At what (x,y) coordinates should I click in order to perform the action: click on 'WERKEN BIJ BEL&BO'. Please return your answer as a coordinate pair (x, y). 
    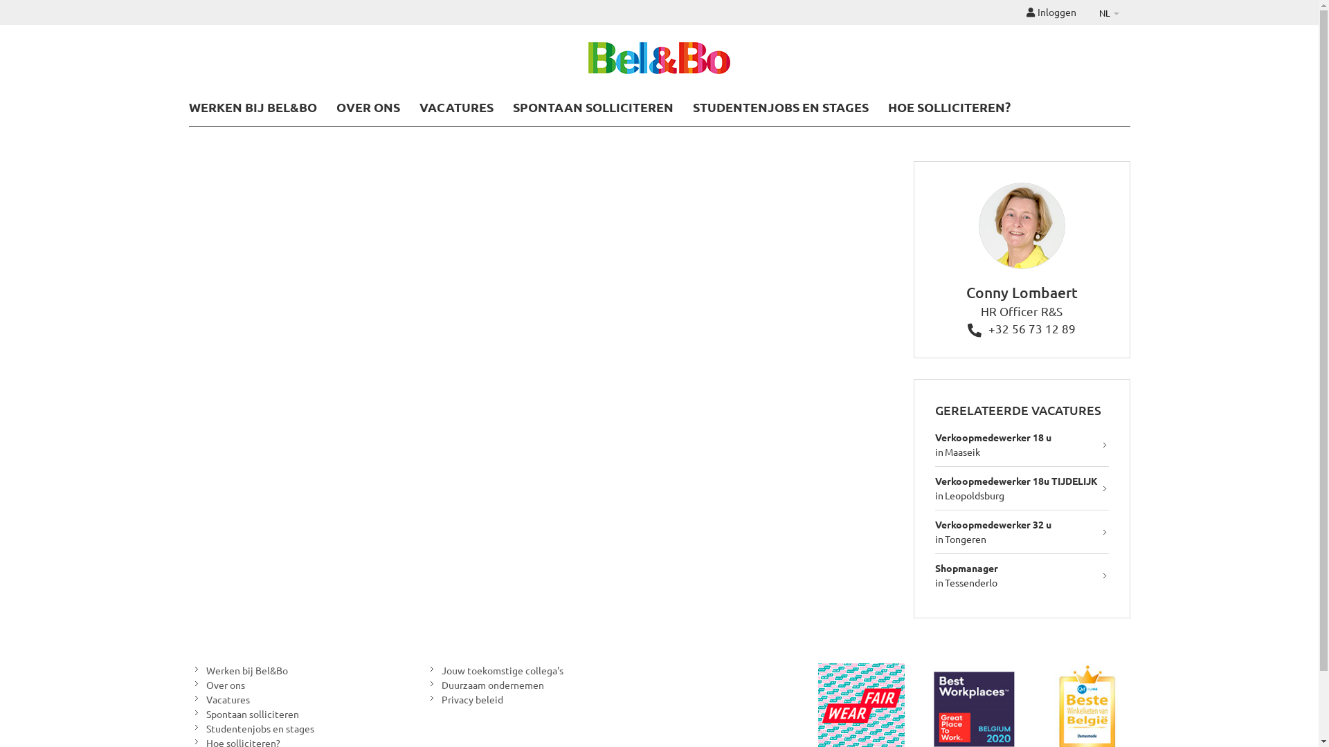
    Looking at the image, I should click on (252, 106).